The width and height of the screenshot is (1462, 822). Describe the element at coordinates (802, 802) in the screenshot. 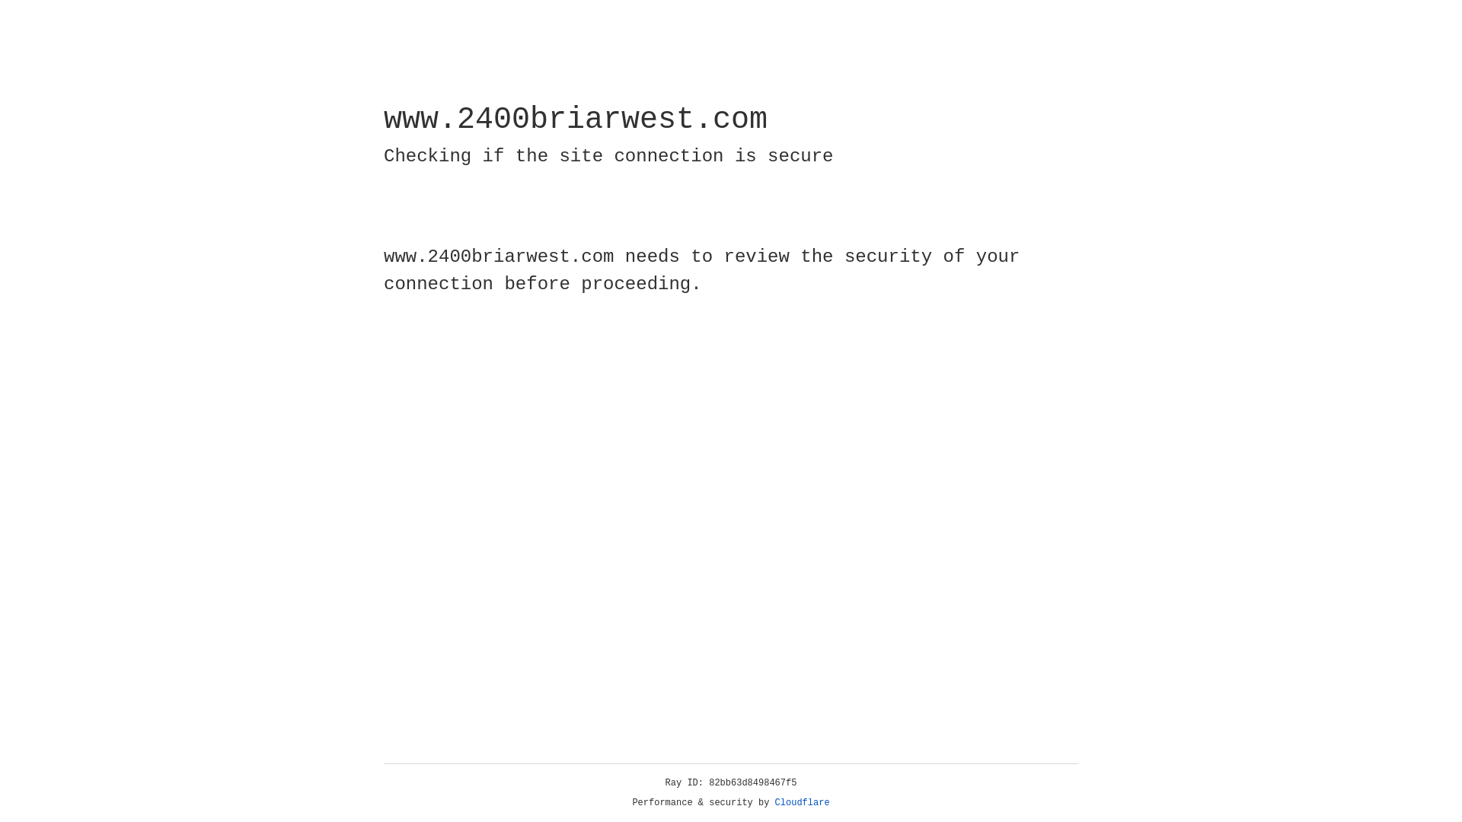

I see `'Cloudflare'` at that location.